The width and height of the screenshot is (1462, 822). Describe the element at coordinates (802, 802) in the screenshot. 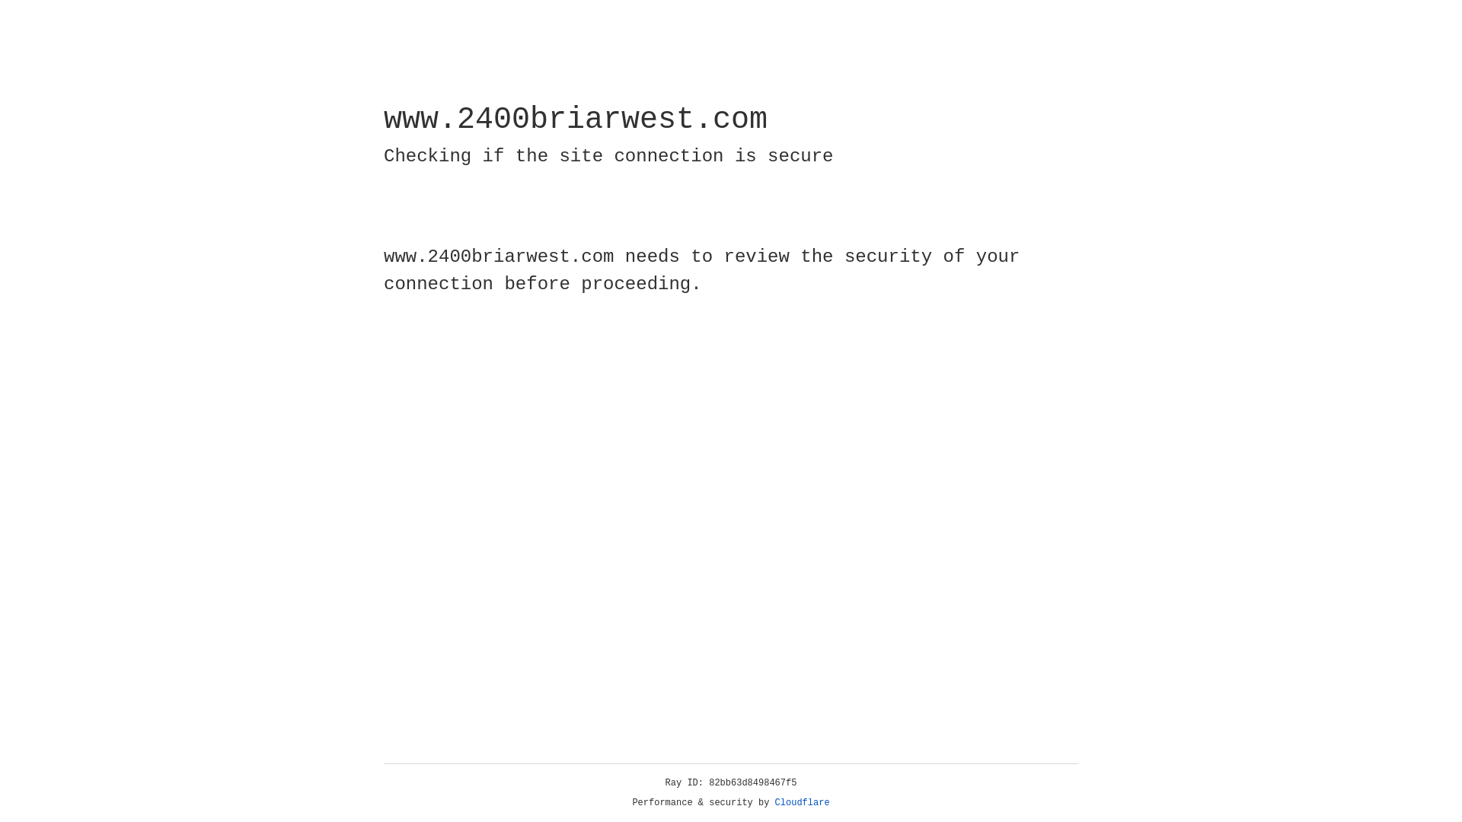

I see `'Cloudflare'` at that location.